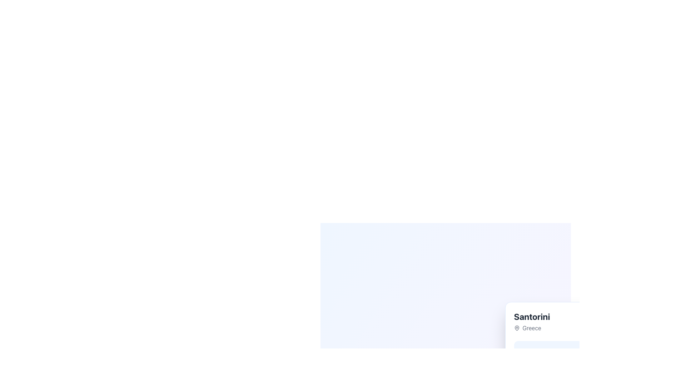  What do you see at coordinates (517, 328) in the screenshot?
I see `the map pin icon located to the left of the text 'Greece', which has a circular head and a pointed bottom, styled with a thin stroke in a neutral color scheme` at bounding box center [517, 328].